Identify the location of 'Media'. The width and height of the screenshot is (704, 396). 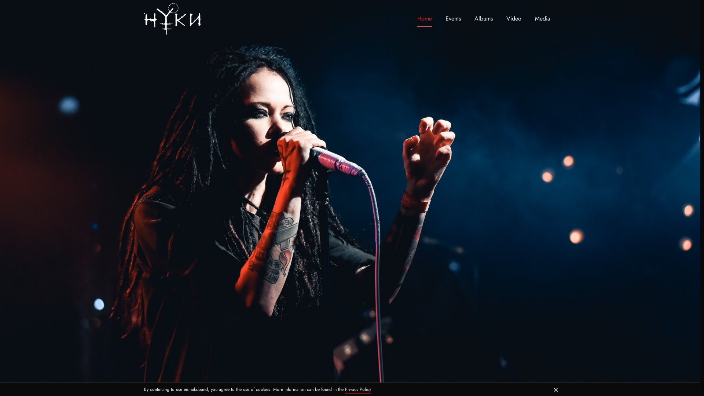
(542, 18).